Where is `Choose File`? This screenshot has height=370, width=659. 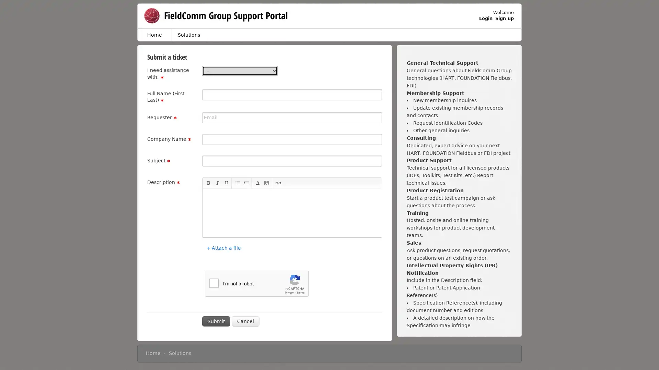
Choose File is located at coordinates (209, 242).